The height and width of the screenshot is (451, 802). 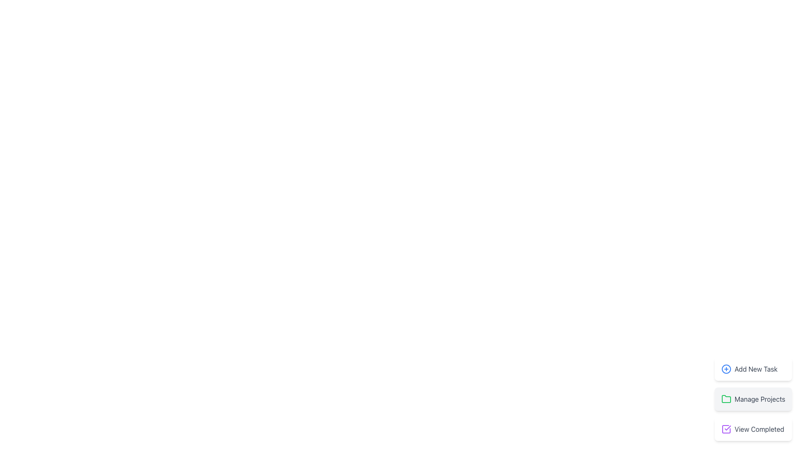 What do you see at coordinates (753, 368) in the screenshot?
I see `the 'Add New Task' button, which is a rectangular button with a white background and a blue circular plus icon on the left, positioned in the bottom-right corner above the 'Manage Projects' and 'View Completed' buttons` at bounding box center [753, 368].